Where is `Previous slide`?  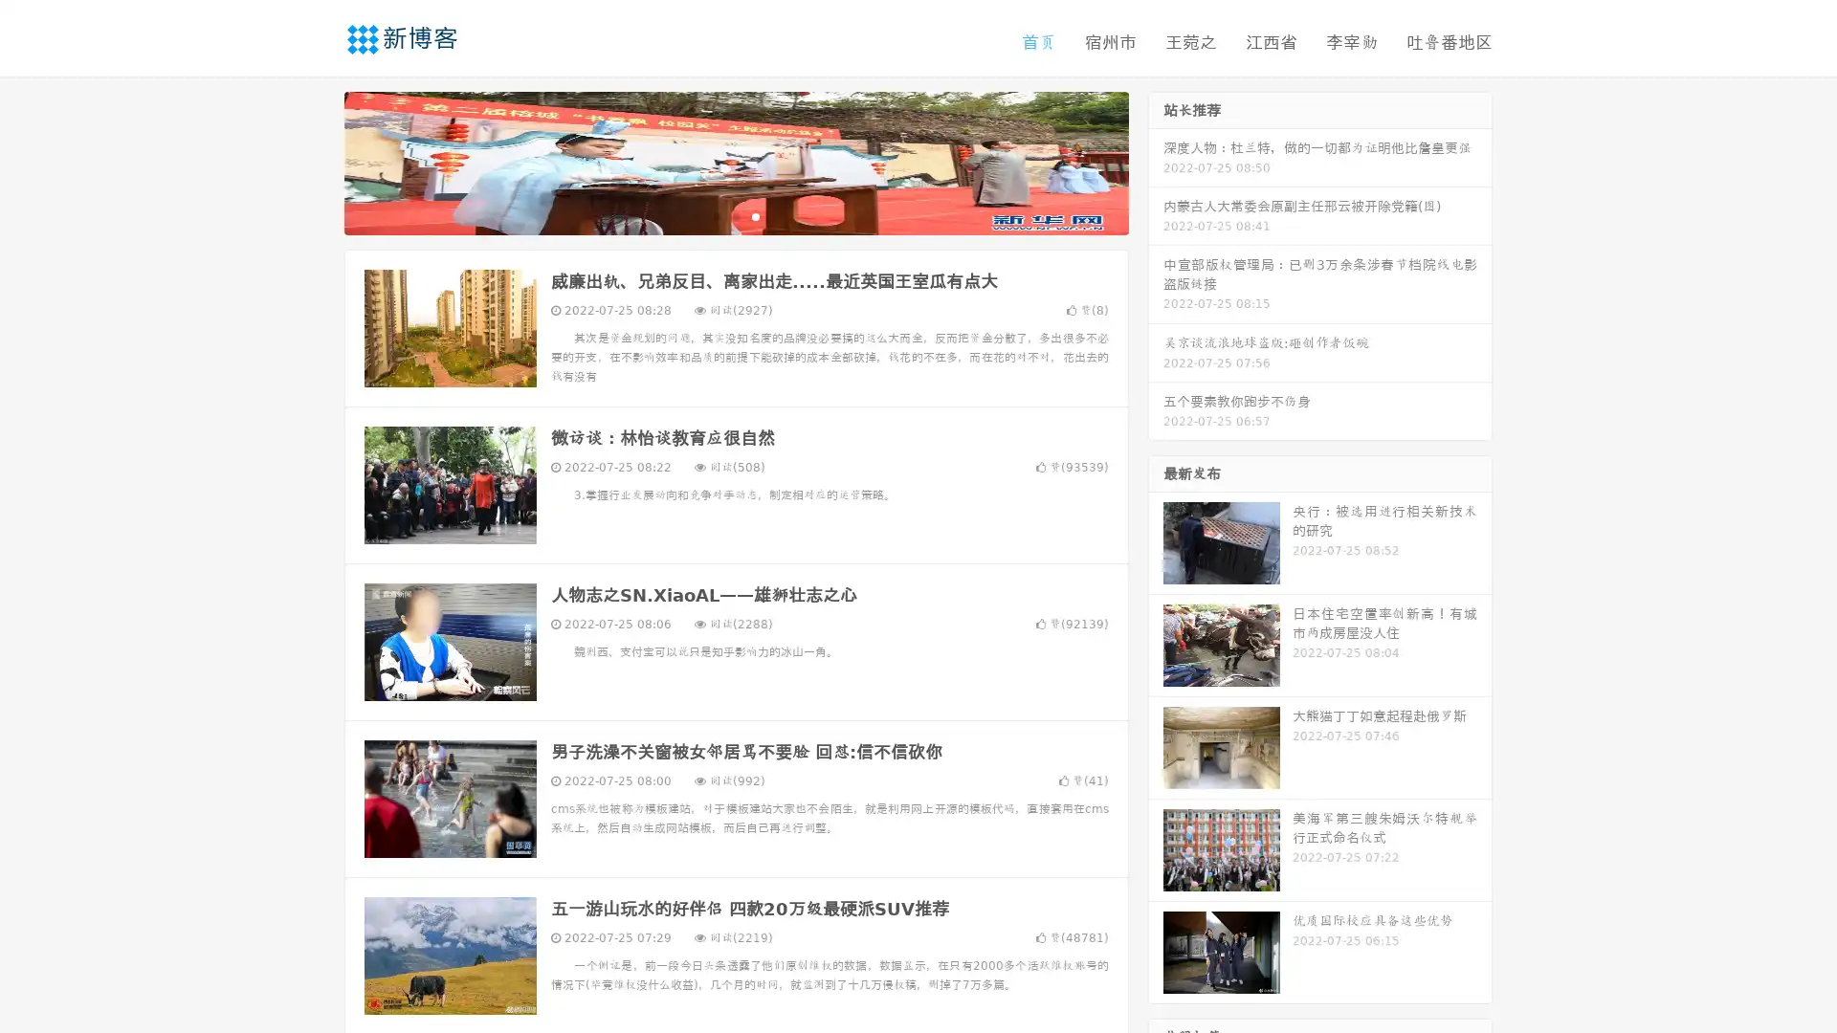 Previous slide is located at coordinates (316, 161).